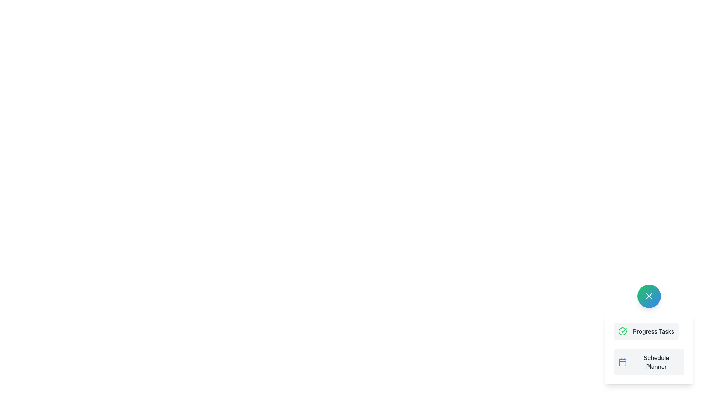 The image size is (705, 396). What do you see at coordinates (656, 362) in the screenshot?
I see `the 'Schedule Planner' text label, which is displayed in dark gray font and is located below the 'Progress Tasks' item in the vertical list` at bounding box center [656, 362].